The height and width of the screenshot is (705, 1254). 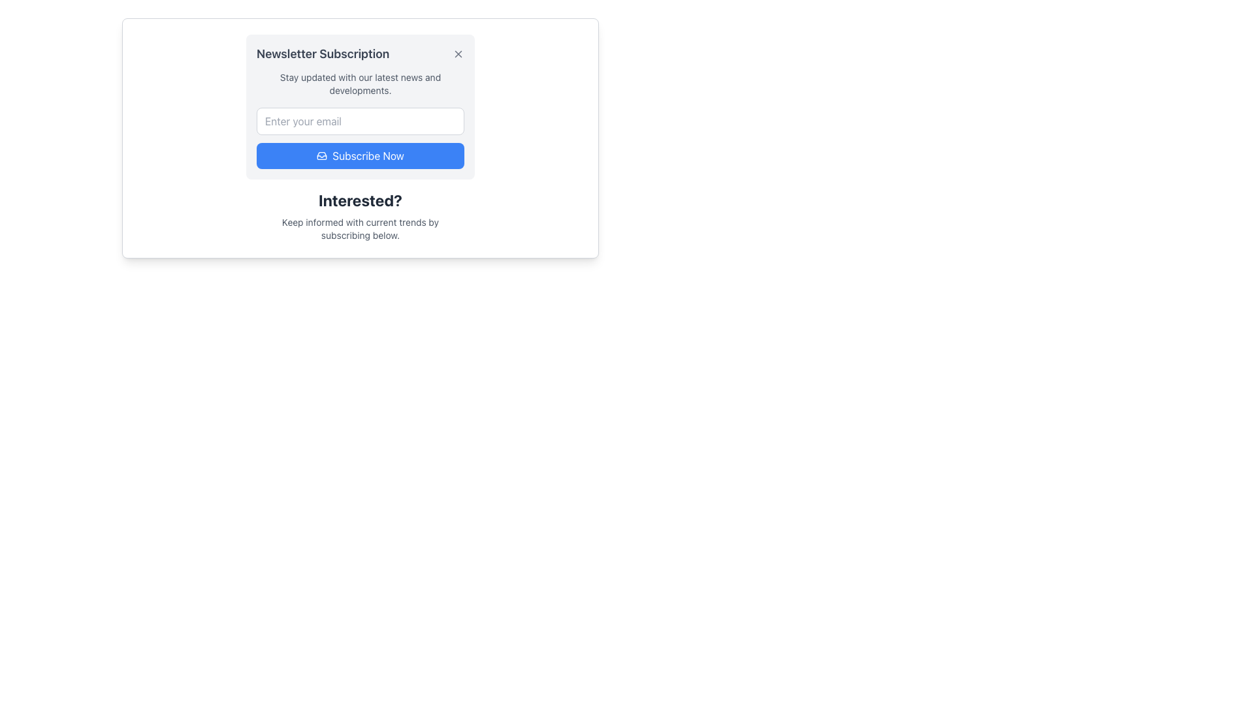 I want to click on the close button located at the top-right corner of the 'Newsletter Subscription' section, so click(x=458, y=54).